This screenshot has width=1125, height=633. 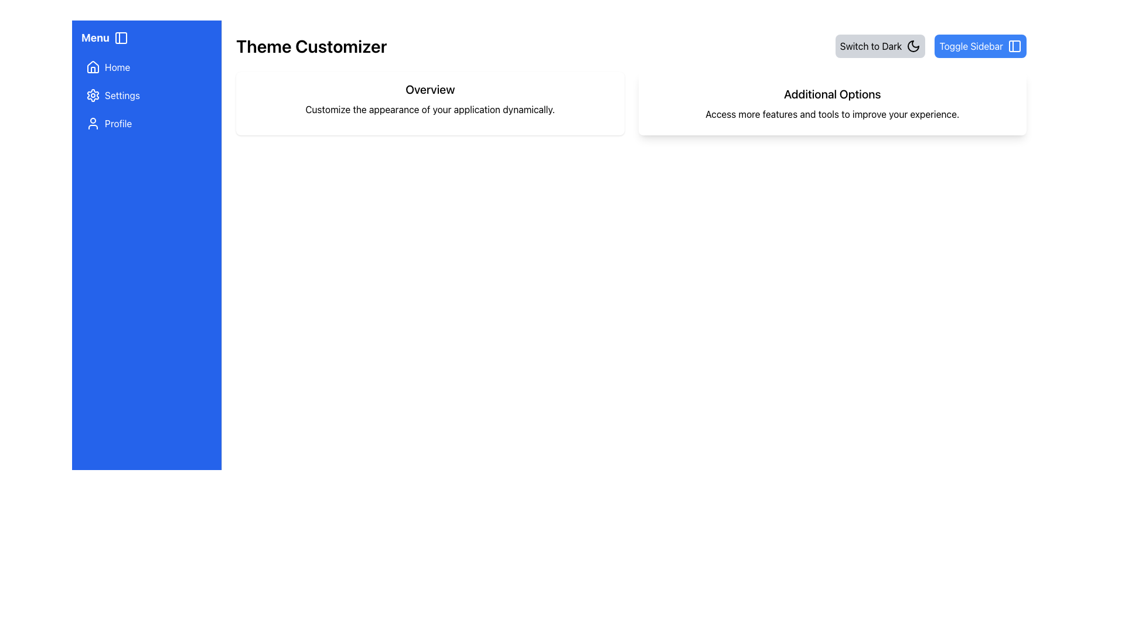 I want to click on the Decorative SVG Element located in the left sidebar menu, adjacent to the 'Menu' text label, so click(x=121, y=38).